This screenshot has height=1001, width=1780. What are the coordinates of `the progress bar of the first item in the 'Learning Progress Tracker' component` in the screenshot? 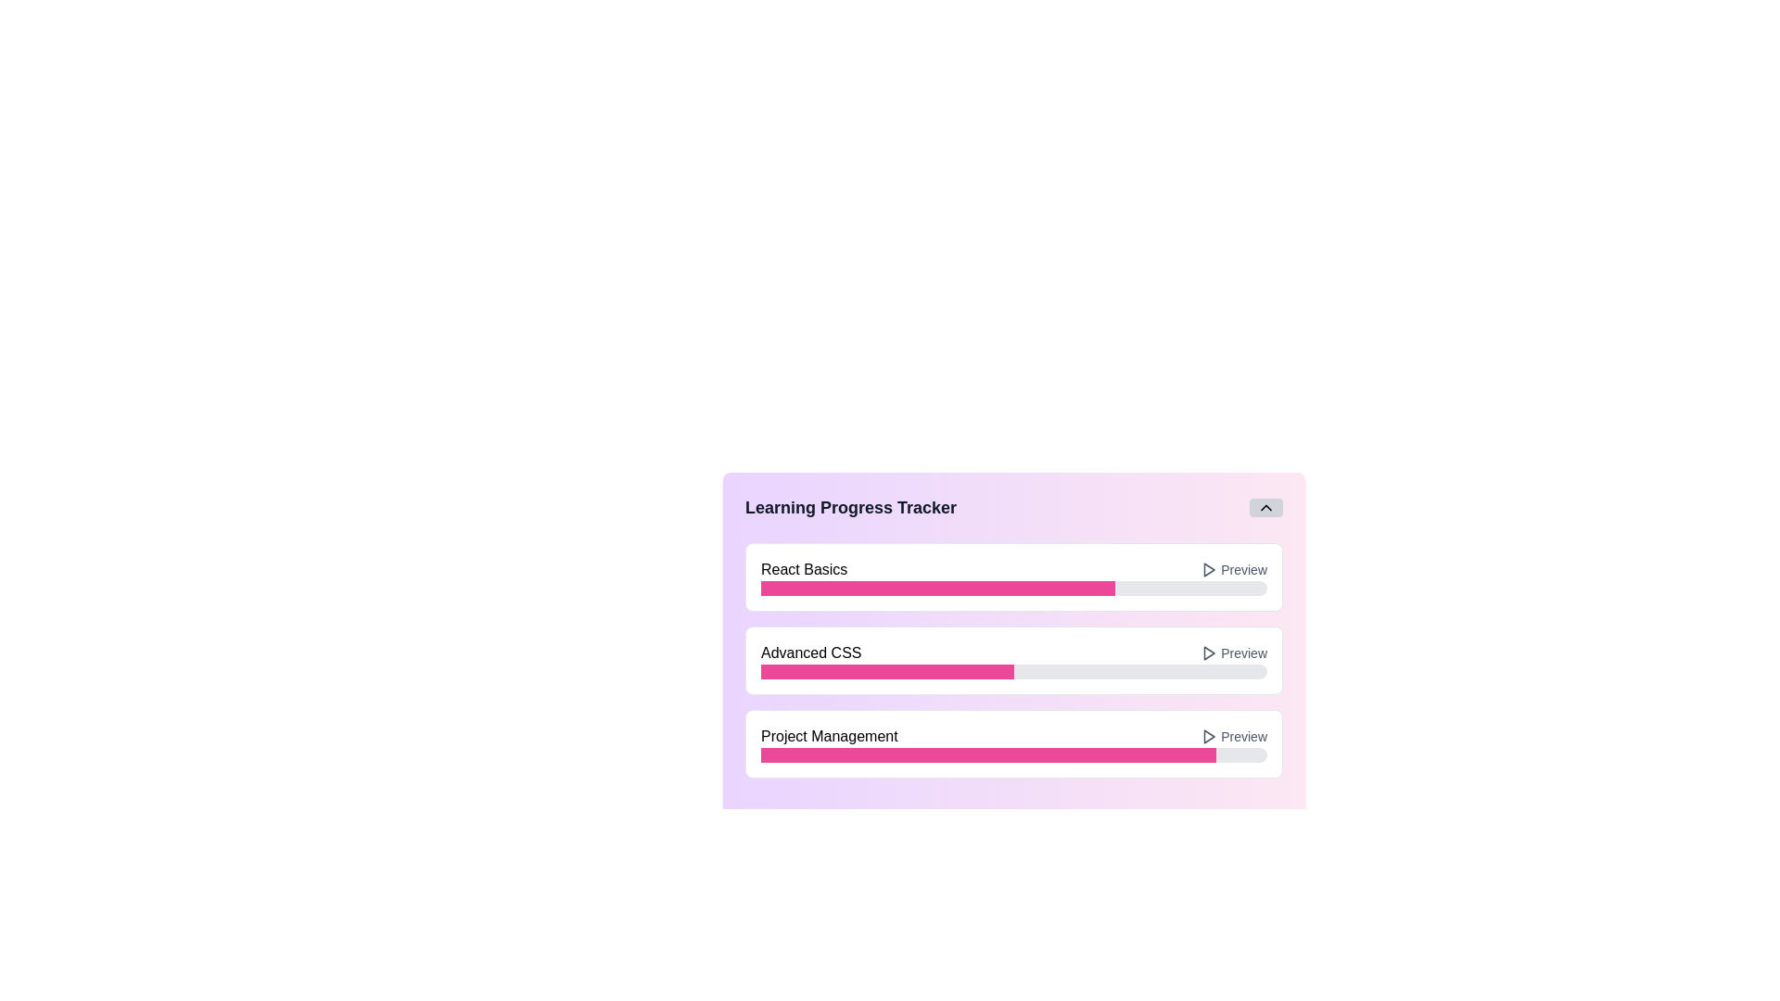 It's located at (1013, 668).